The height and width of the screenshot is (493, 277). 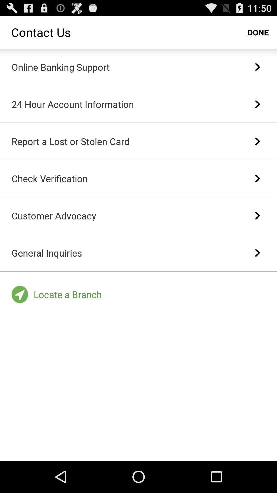 I want to click on online banking support, so click(x=60, y=67).